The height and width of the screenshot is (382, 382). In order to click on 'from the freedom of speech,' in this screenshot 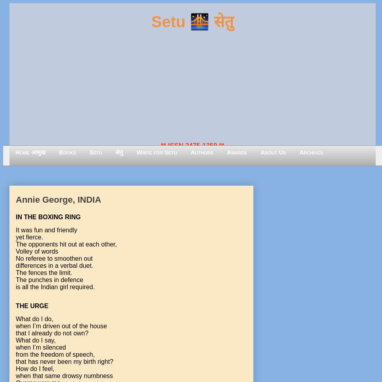, I will do `click(54, 354)`.